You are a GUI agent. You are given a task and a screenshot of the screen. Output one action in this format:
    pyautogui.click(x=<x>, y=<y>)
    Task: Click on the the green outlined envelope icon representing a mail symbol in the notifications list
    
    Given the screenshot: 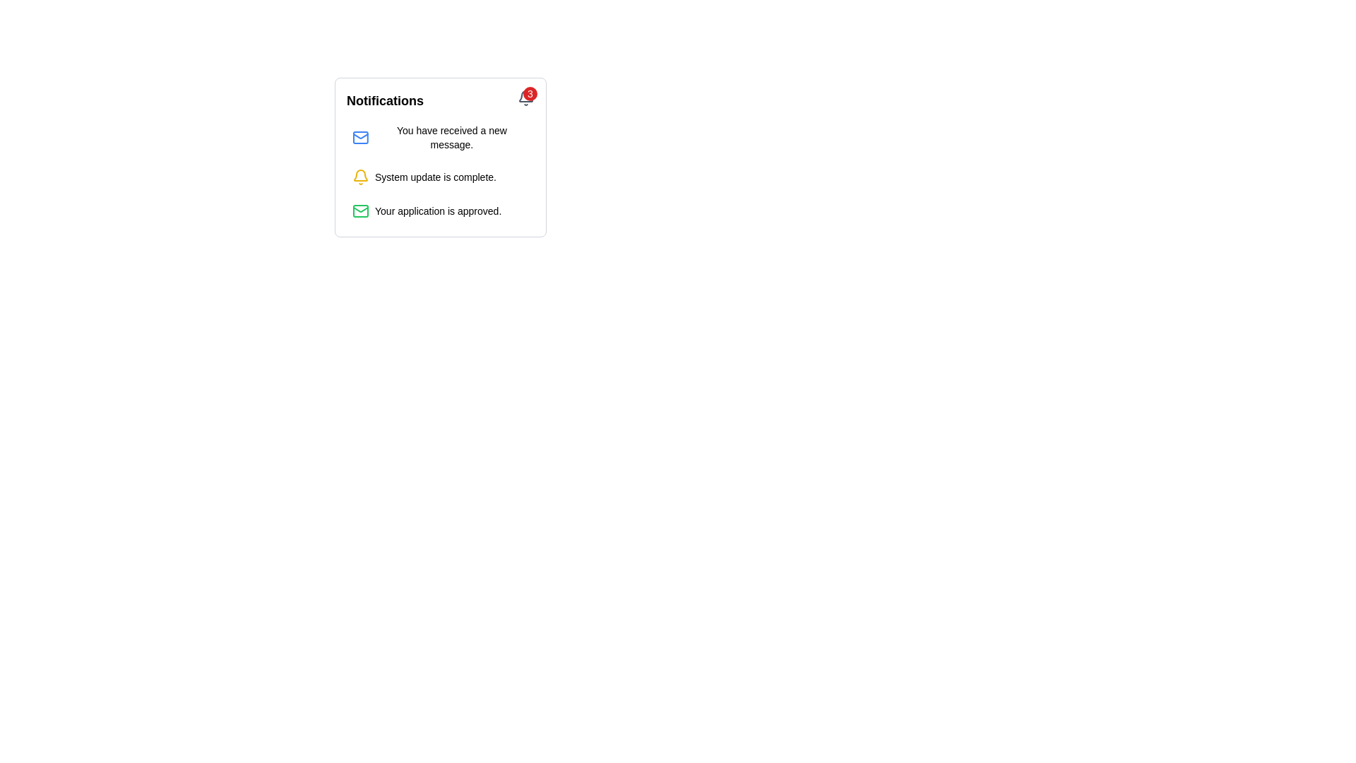 What is the action you would take?
    pyautogui.click(x=360, y=211)
    